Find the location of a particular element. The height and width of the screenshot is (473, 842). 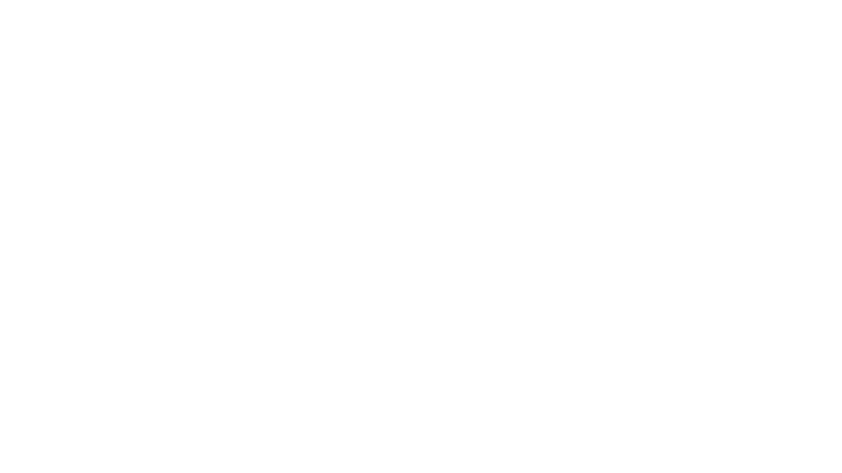

Stories is located at coordinates (339, 12).